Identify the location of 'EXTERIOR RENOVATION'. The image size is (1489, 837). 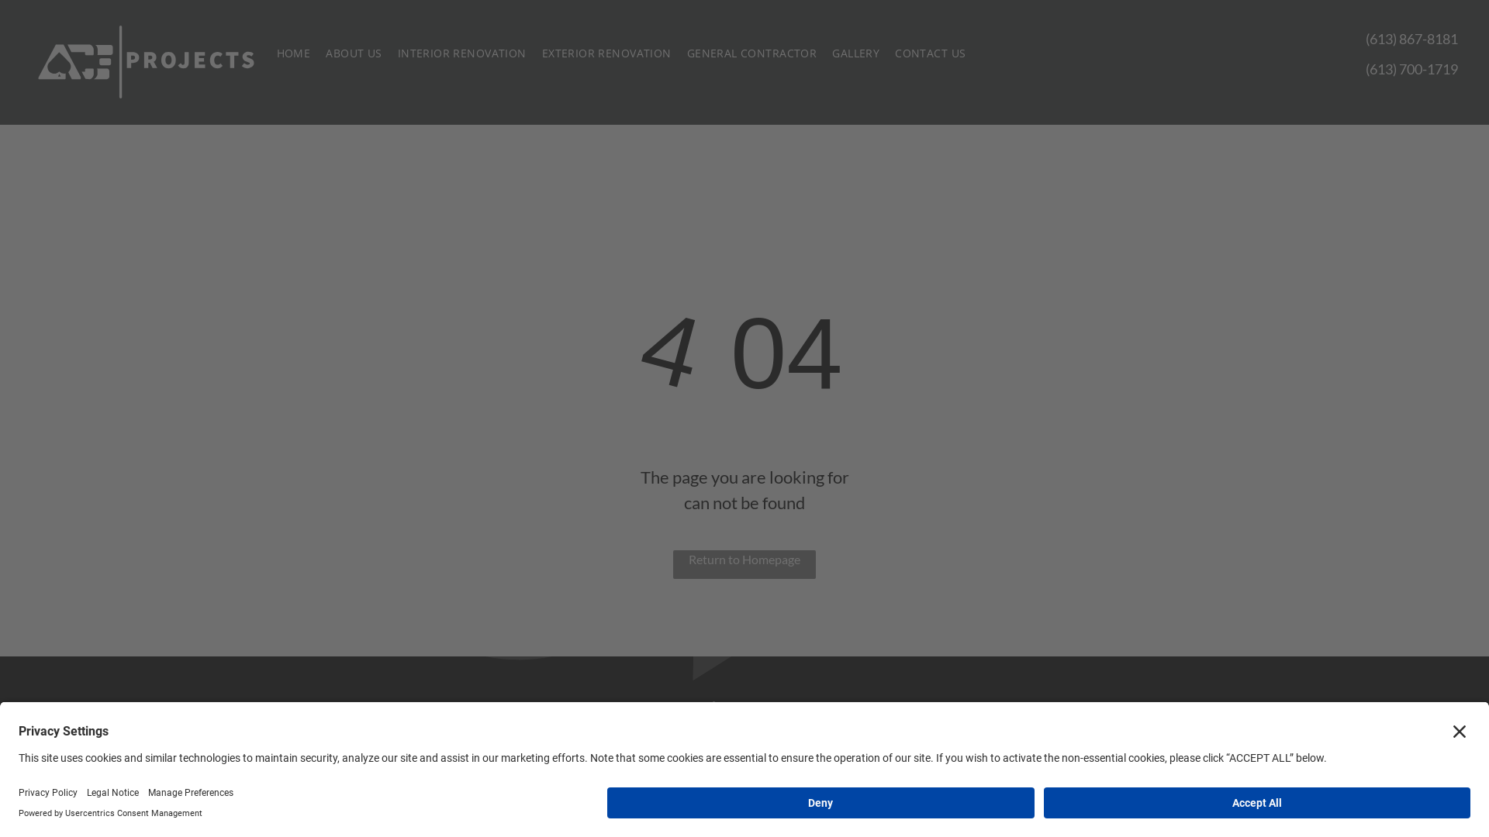
(606, 52).